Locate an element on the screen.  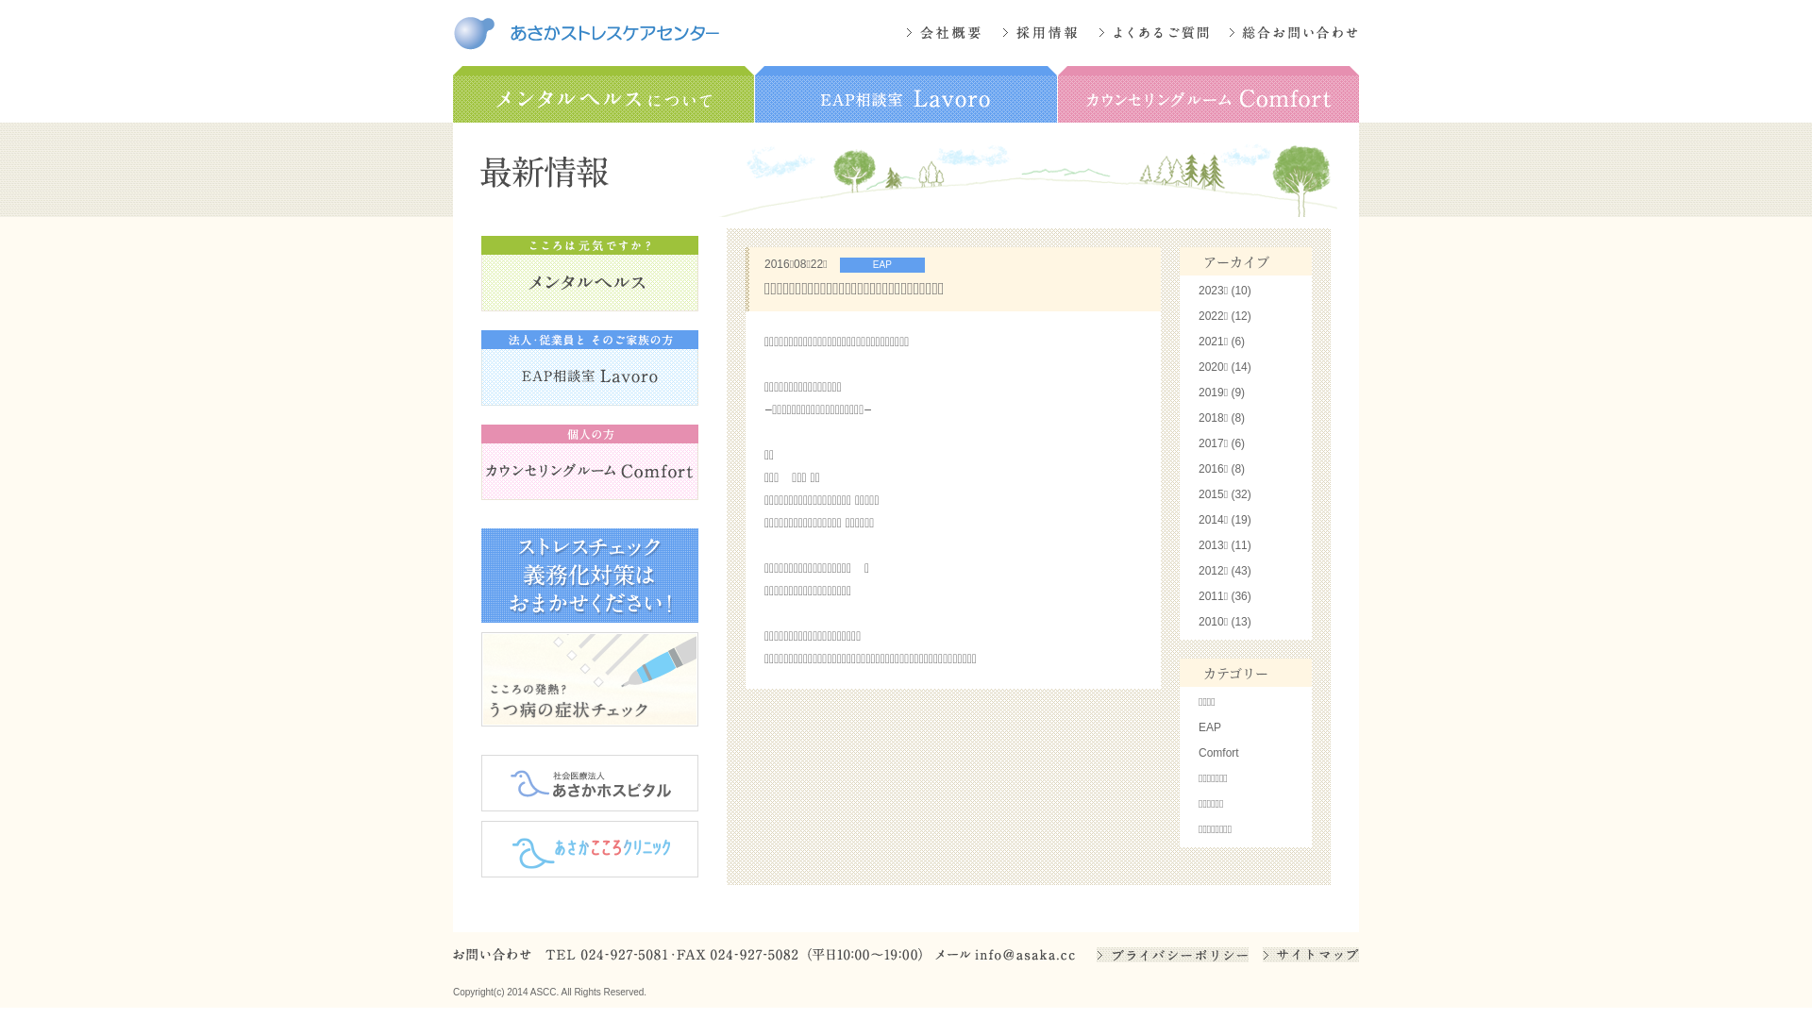
'Comfort' is located at coordinates (1218, 752).